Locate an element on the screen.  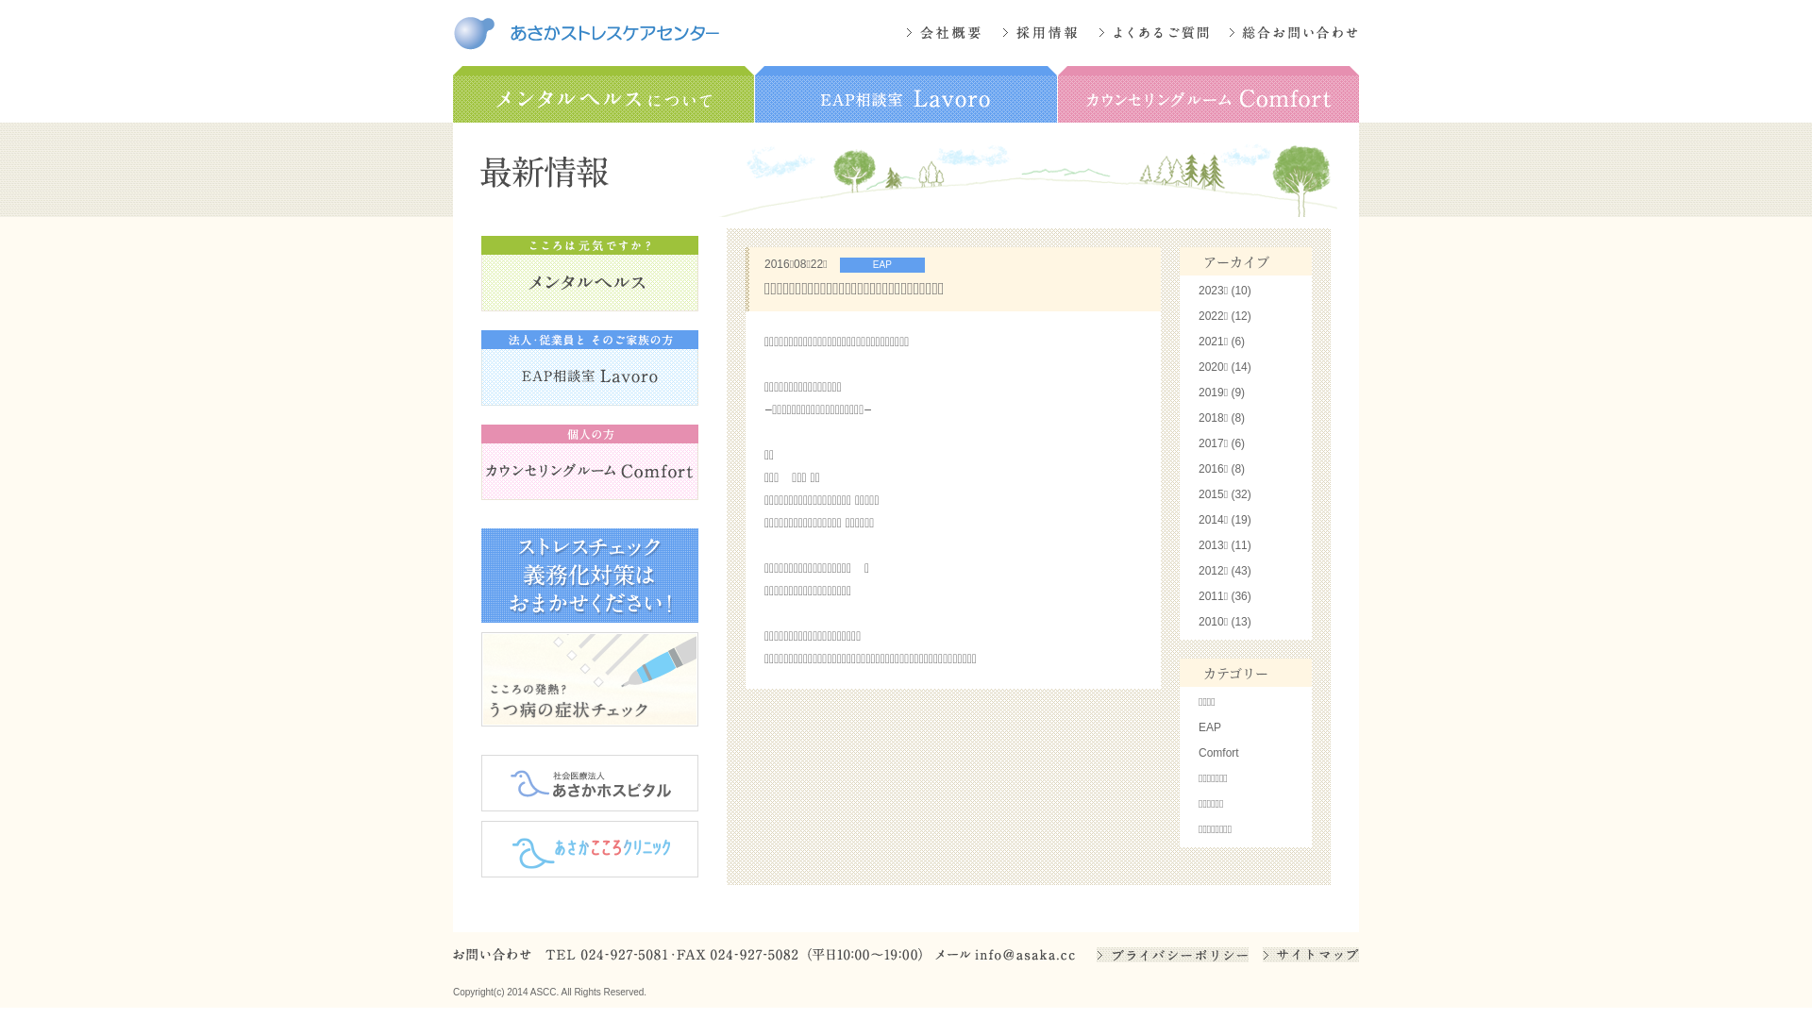
'Comfort' is located at coordinates (1218, 752).